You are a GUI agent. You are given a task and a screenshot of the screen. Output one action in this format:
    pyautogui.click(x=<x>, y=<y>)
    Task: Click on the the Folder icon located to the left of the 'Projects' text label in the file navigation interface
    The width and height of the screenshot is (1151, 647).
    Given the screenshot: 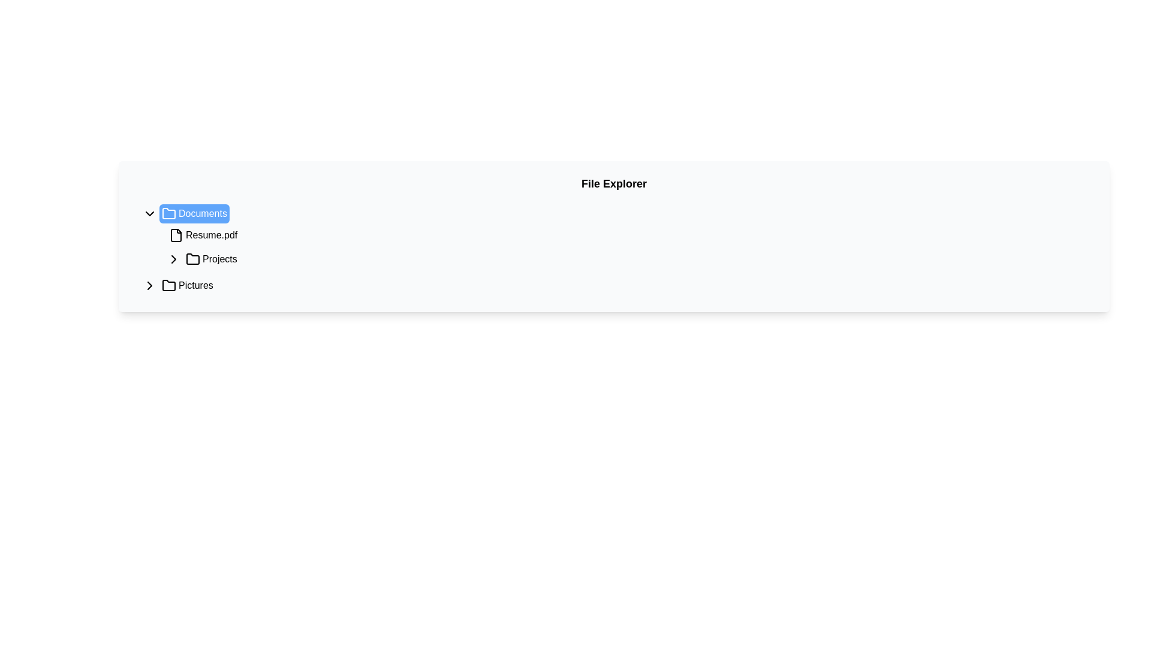 What is the action you would take?
    pyautogui.click(x=192, y=258)
    